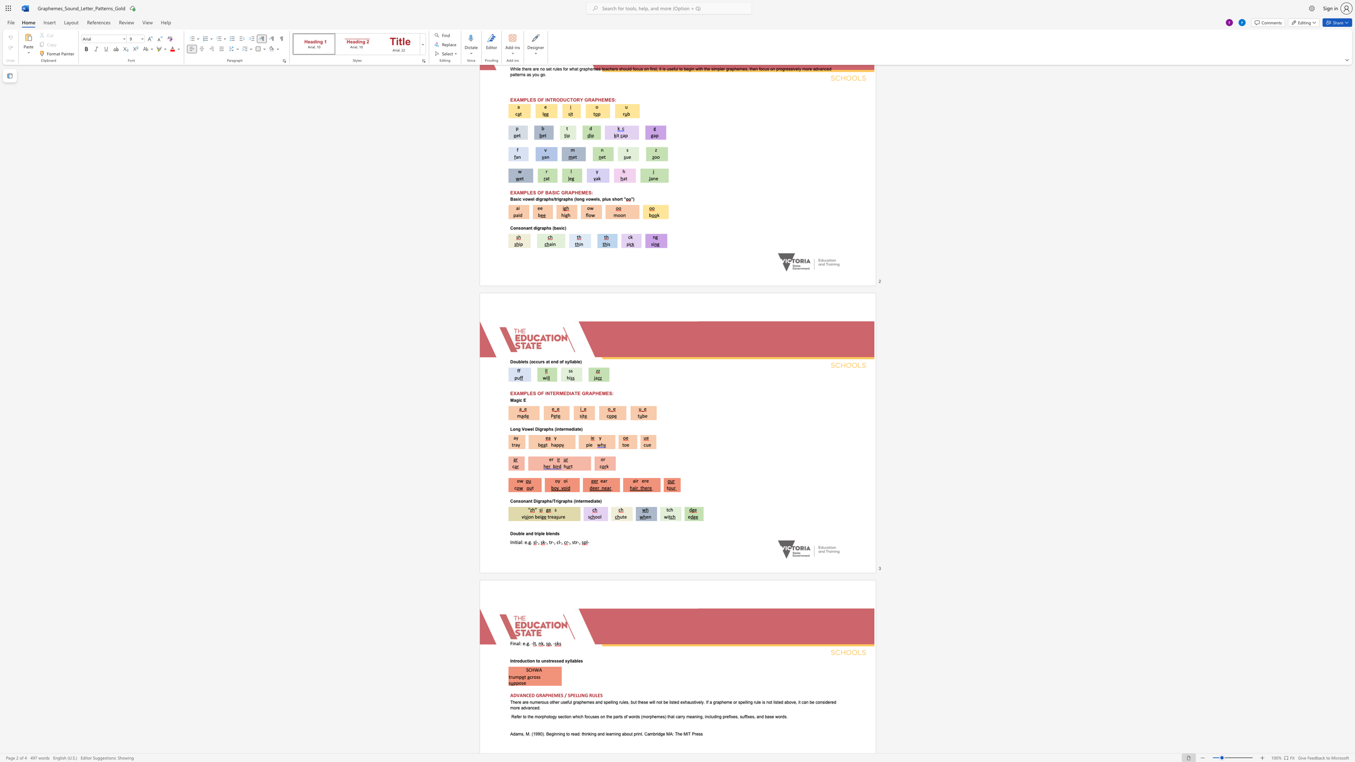 Image resolution: width=1355 pixels, height=762 pixels. I want to click on the subset text "nced" within the text "other useful graphemes and spelling rules, but these will not be listed exhaustively. If a grapheme or spelling rule is not listed above, it can be considered more advanced.", so click(530, 708).